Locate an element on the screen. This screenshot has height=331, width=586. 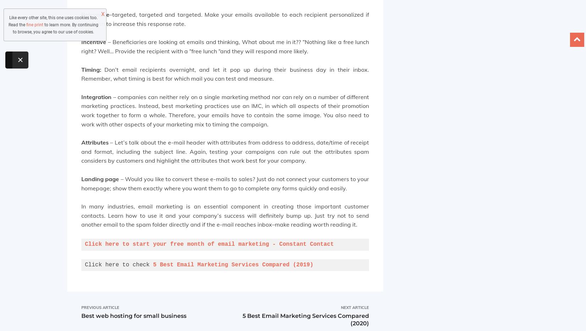
'Integration' is located at coordinates (81, 96).